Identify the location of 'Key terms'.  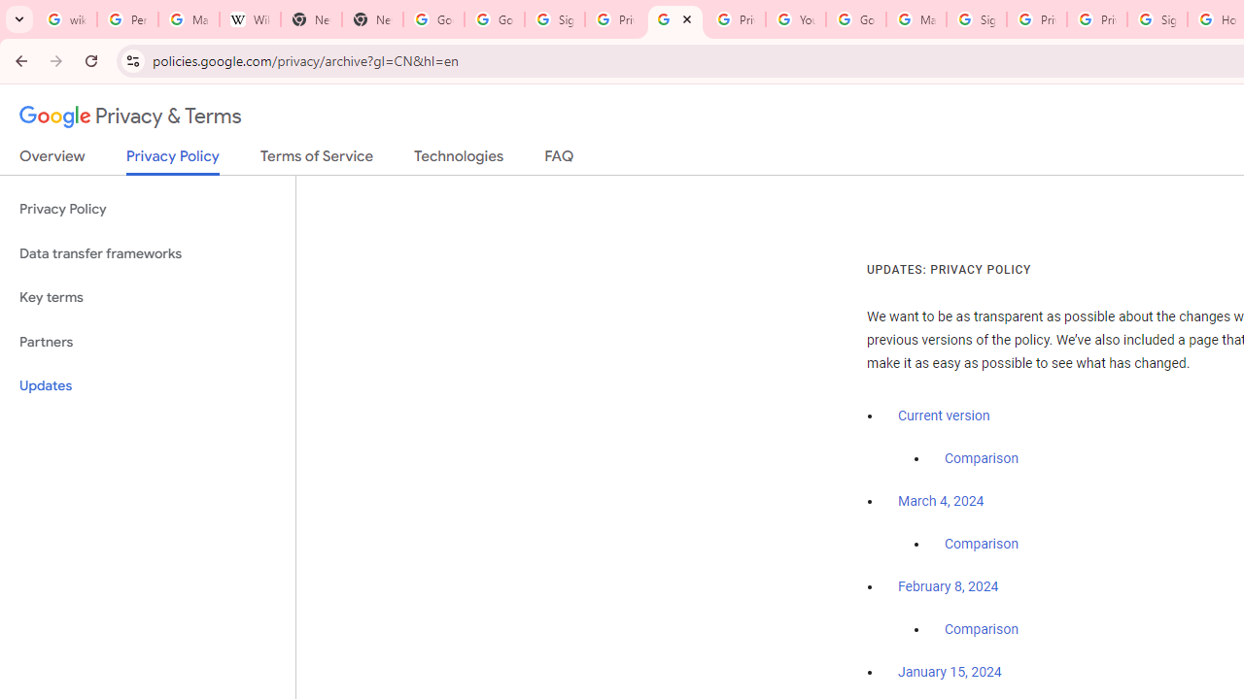
(147, 297).